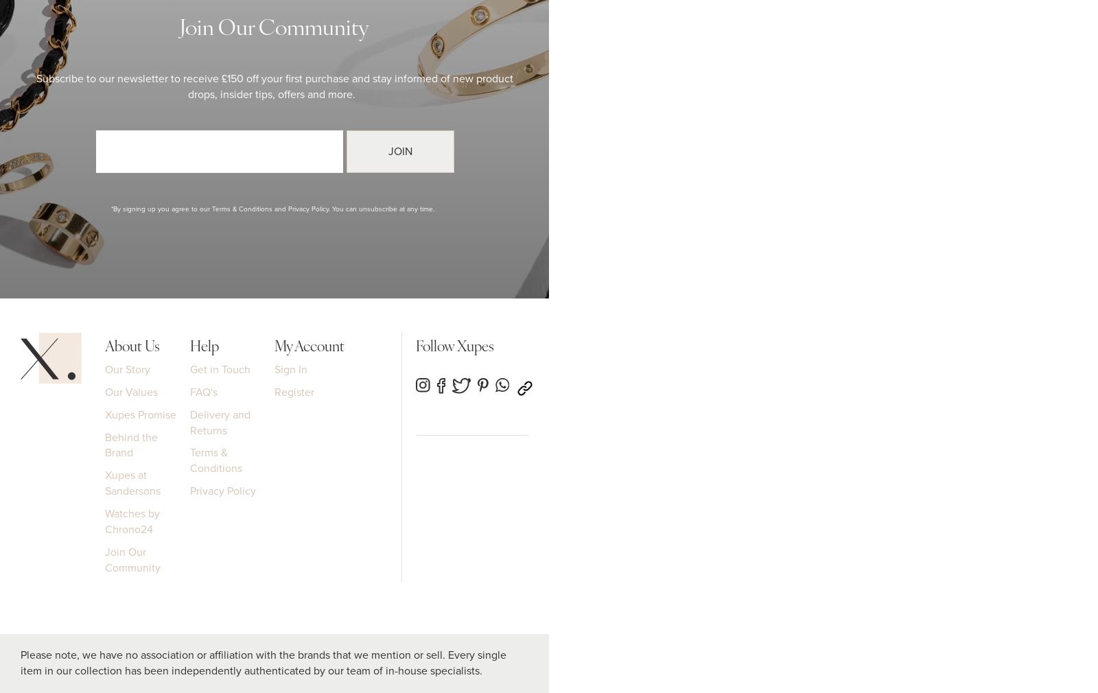 The height and width of the screenshot is (693, 1098). Describe the element at coordinates (189, 460) in the screenshot. I see `'Terms & Conditions'` at that location.